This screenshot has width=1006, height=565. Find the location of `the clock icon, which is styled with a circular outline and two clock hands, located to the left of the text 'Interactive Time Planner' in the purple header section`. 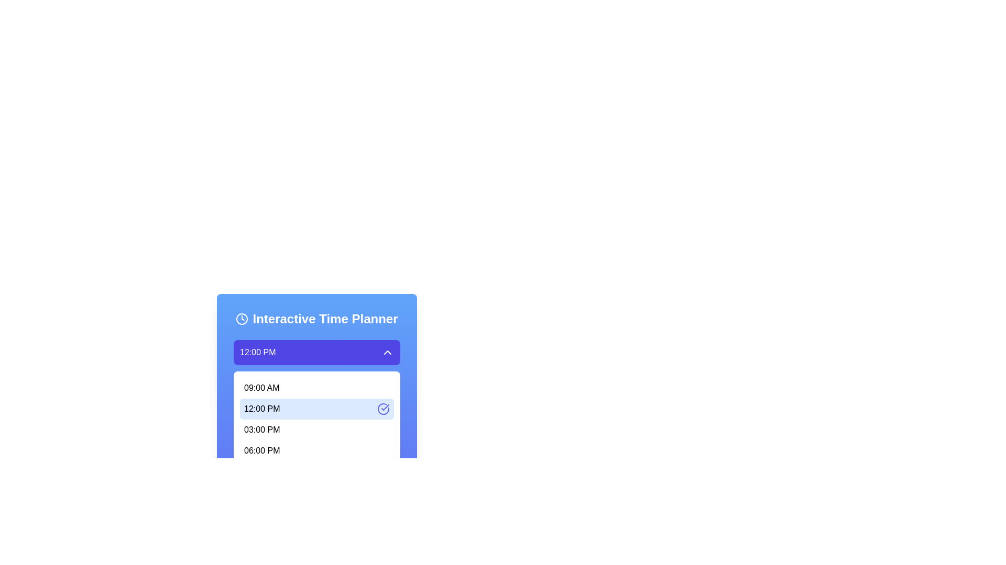

the clock icon, which is styled with a circular outline and two clock hands, located to the left of the text 'Interactive Time Planner' in the purple header section is located at coordinates (242, 318).